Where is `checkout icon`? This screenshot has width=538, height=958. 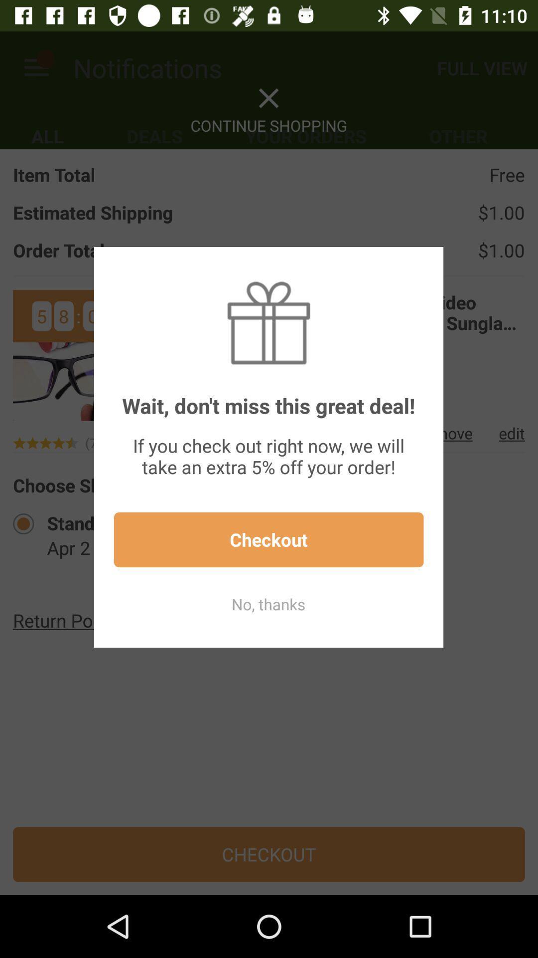 checkout icon is located at coordinates (268, 539).